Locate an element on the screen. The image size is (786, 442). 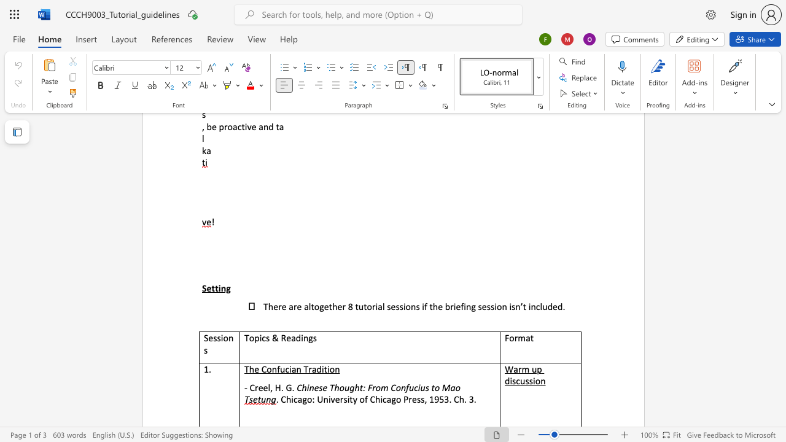
the space between the continuous character "u" and "d" in the text is located at coordinates (547, 306).